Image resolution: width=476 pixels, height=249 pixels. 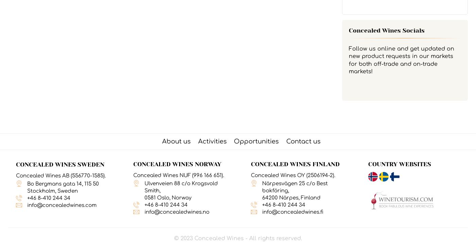 I want to click on 'Ulvenveien 88 c/o Krogsvold Smith,', so click(x=181, y=187).